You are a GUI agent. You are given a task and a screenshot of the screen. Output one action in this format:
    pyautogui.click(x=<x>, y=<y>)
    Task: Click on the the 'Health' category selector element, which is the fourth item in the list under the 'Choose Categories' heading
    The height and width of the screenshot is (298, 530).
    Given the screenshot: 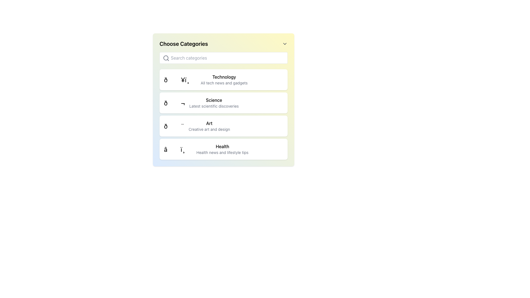 What is the action you would take?
    pyautogui.click(x=206, y=149)
    